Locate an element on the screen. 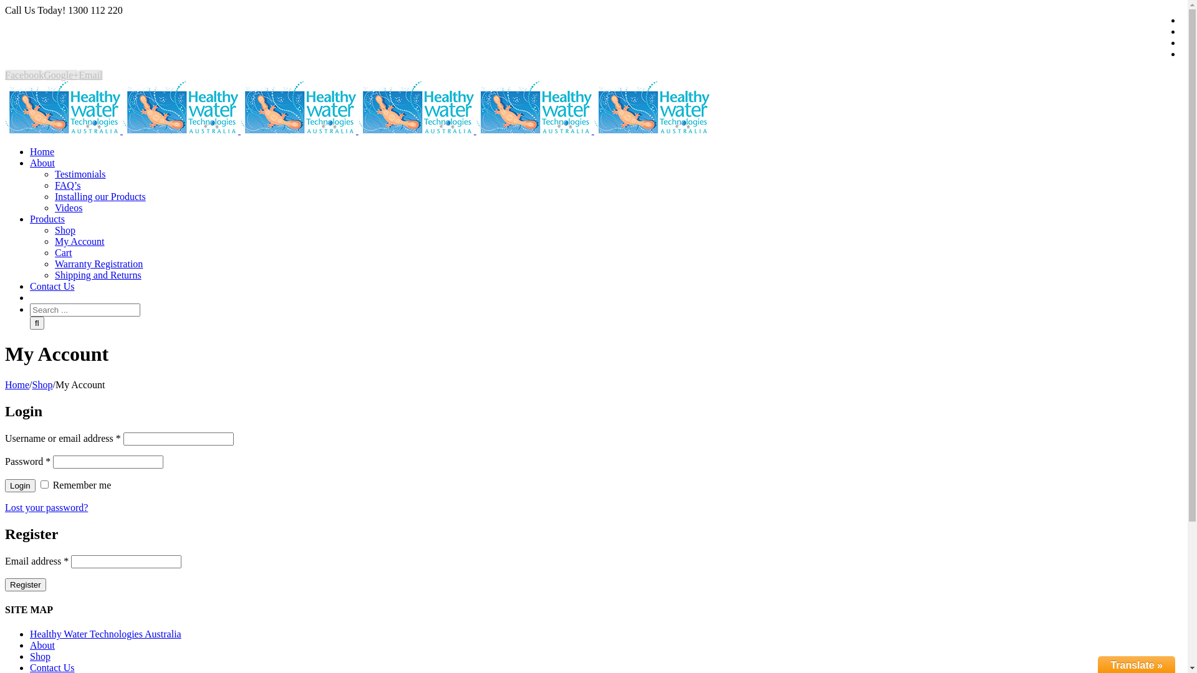  'Testimonials' is located at coordinates (80, 174).